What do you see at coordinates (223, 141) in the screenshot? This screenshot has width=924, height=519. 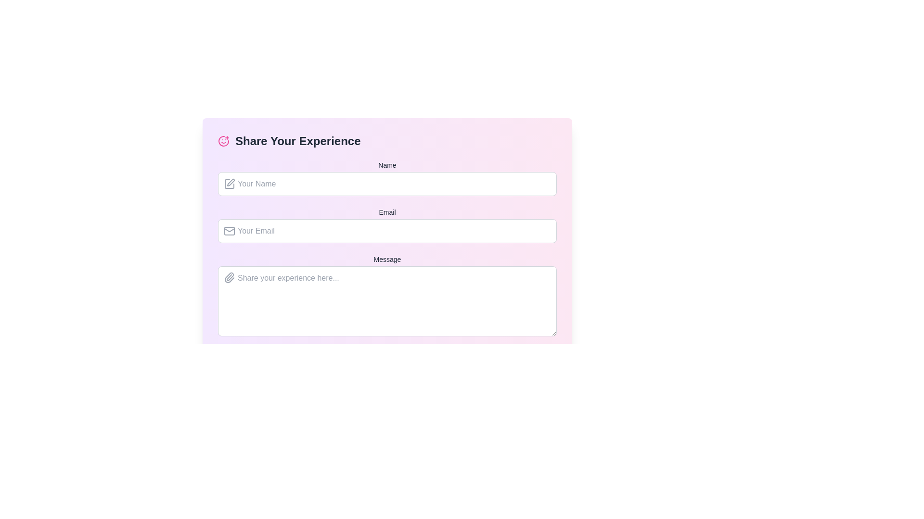 I see `the decorative graphic element within the pink circular icon located at the top left of the 'Share Your Experience' form` at bounding box center [223, 141].